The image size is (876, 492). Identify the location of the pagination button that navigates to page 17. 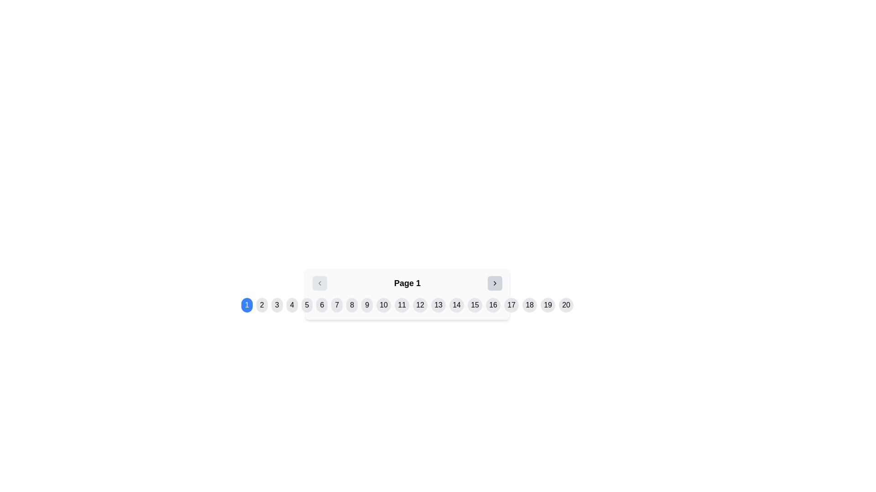
(511, 305).